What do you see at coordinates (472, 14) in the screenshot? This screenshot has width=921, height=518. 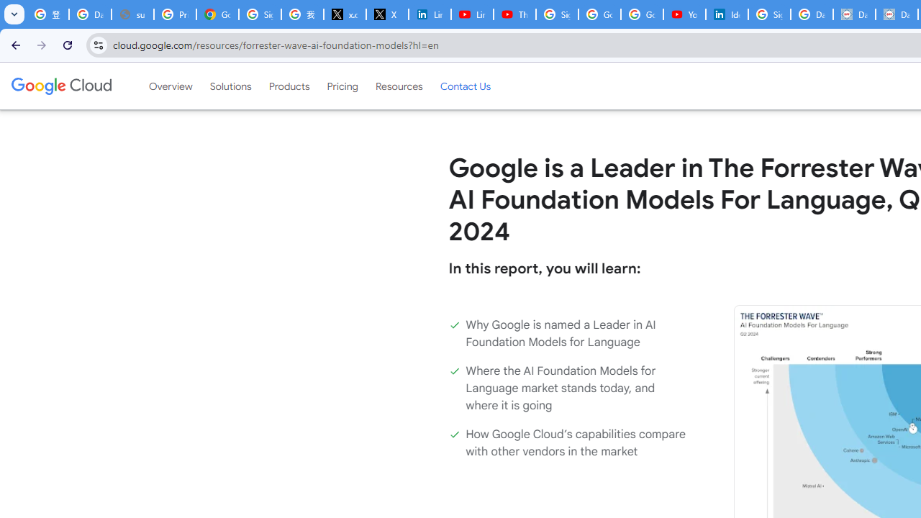 I see `'LinkedIn - YouTube'` at bounding box center [472, 14].